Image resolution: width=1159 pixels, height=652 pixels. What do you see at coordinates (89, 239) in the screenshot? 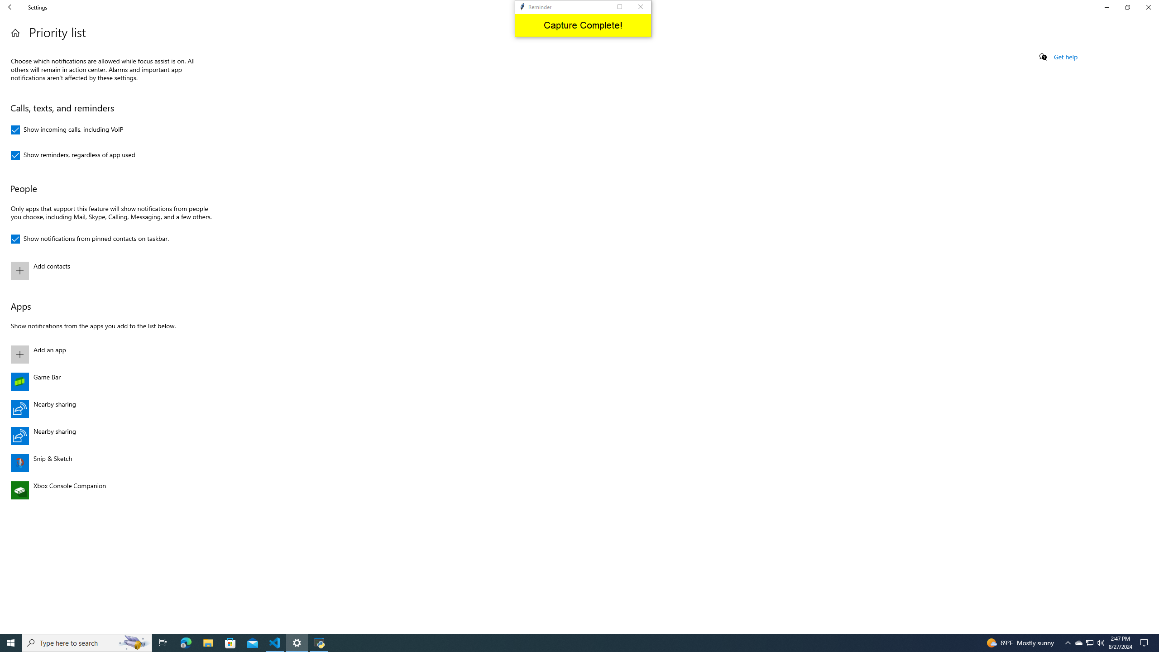
I see `'Show notifications from pinned contacts on taskbar.'` at bounding box center [89, 239].